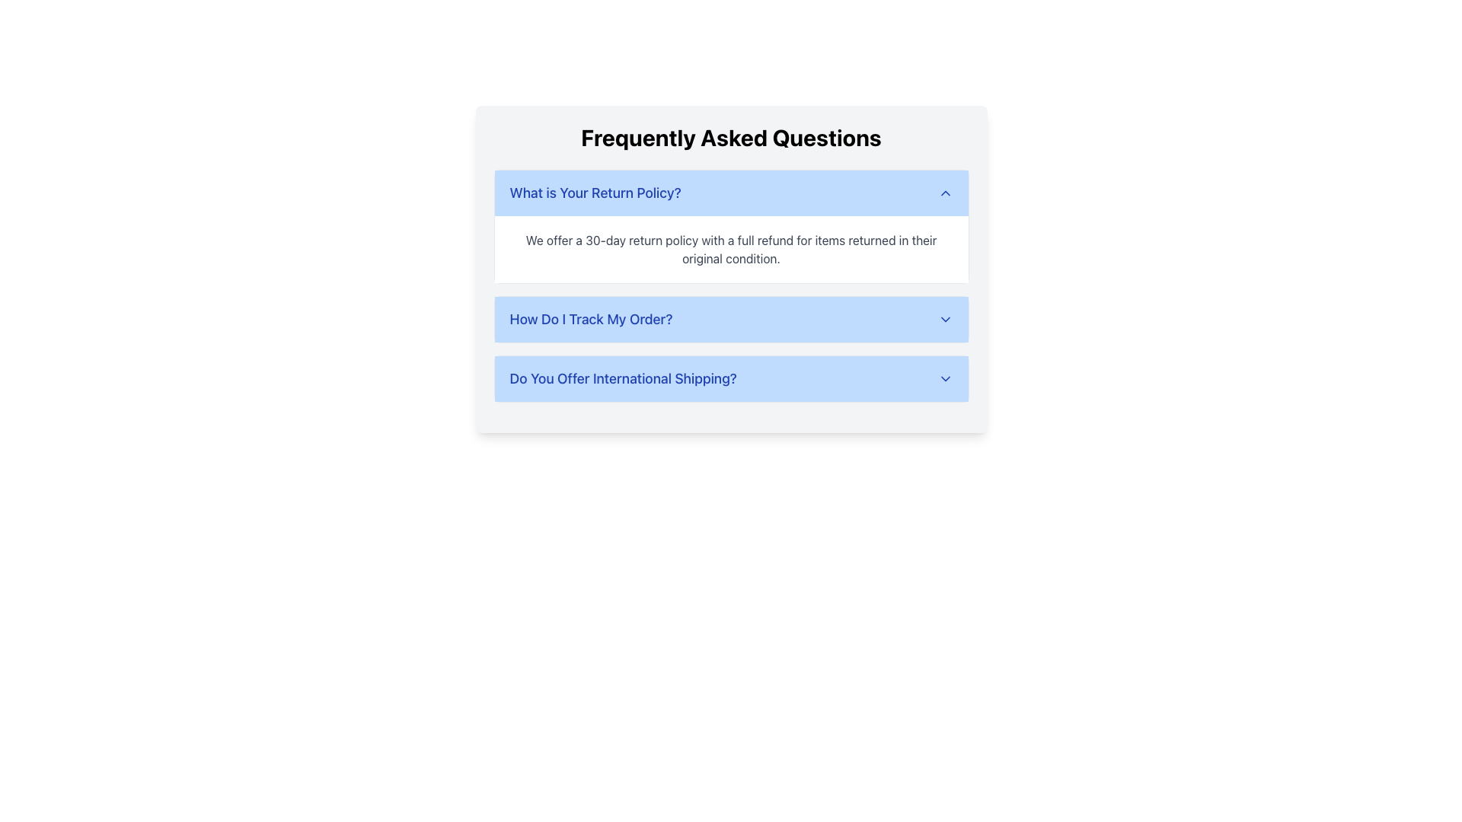 This screenshot has width=1462, height=822. I want to click on the Collapsible Item Header in the FAQ section, so click(731, 378).